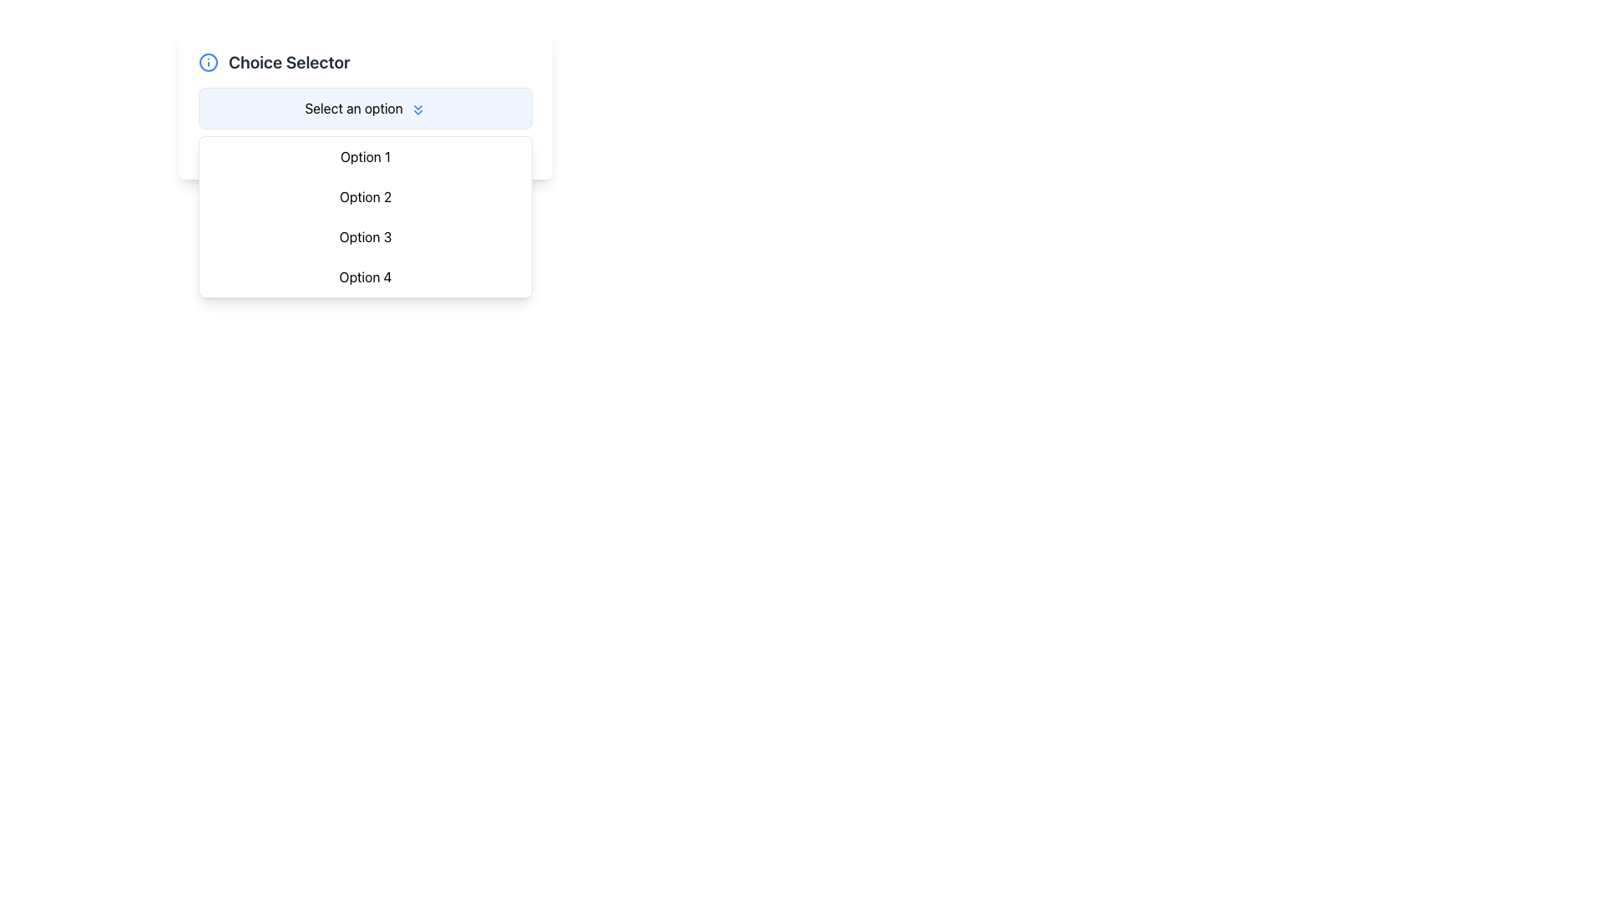 The image size is (1603, 902). Describe the element at coordinates (289, 61) in the screenshot. I see `text from the 'Choice Selector' label, which is styled in a large bold font and is dark gray in color, located at the top of the selection module` at that location.